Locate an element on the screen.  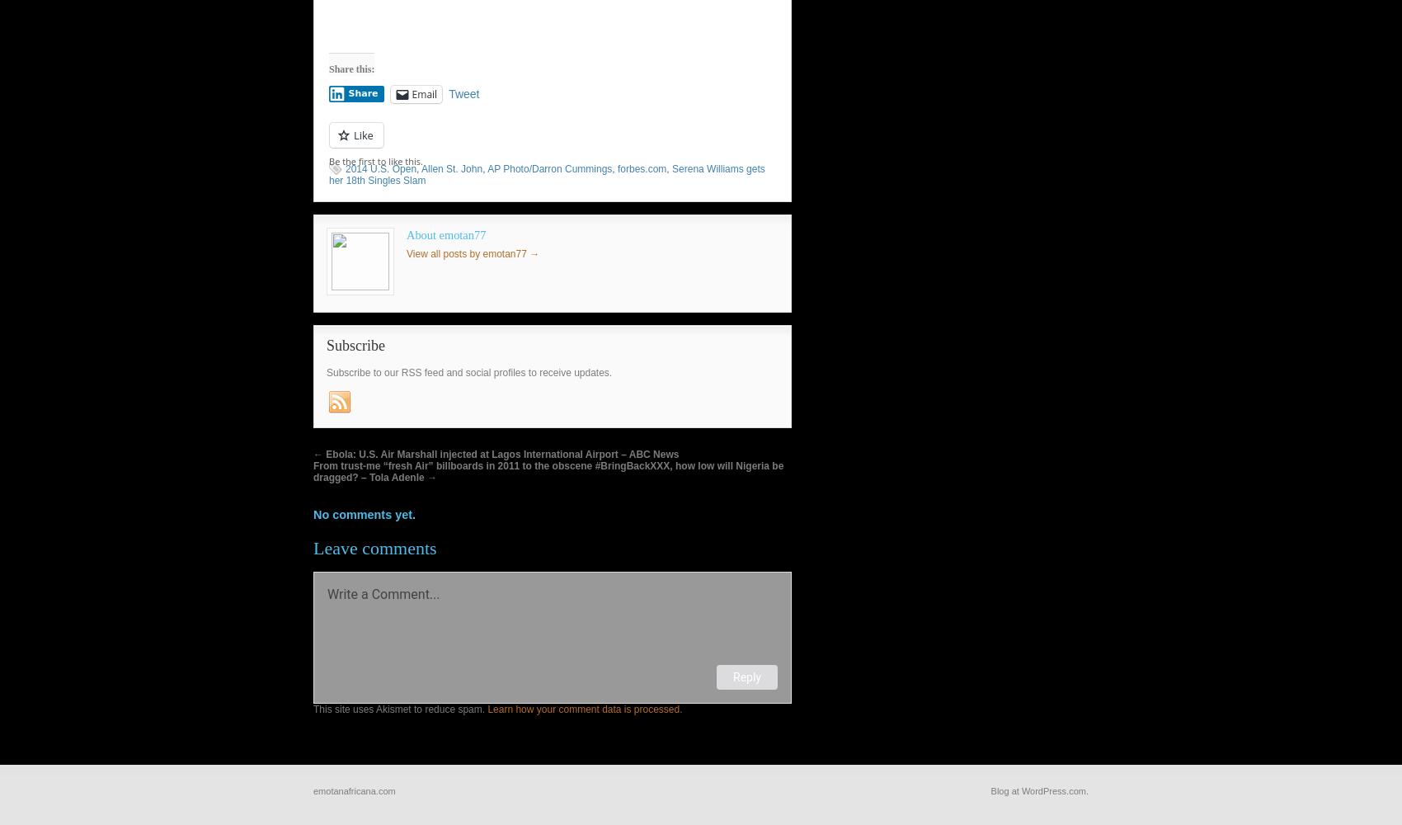
'Blog at WordPress.com.' is located at coordinates (1038, 790).